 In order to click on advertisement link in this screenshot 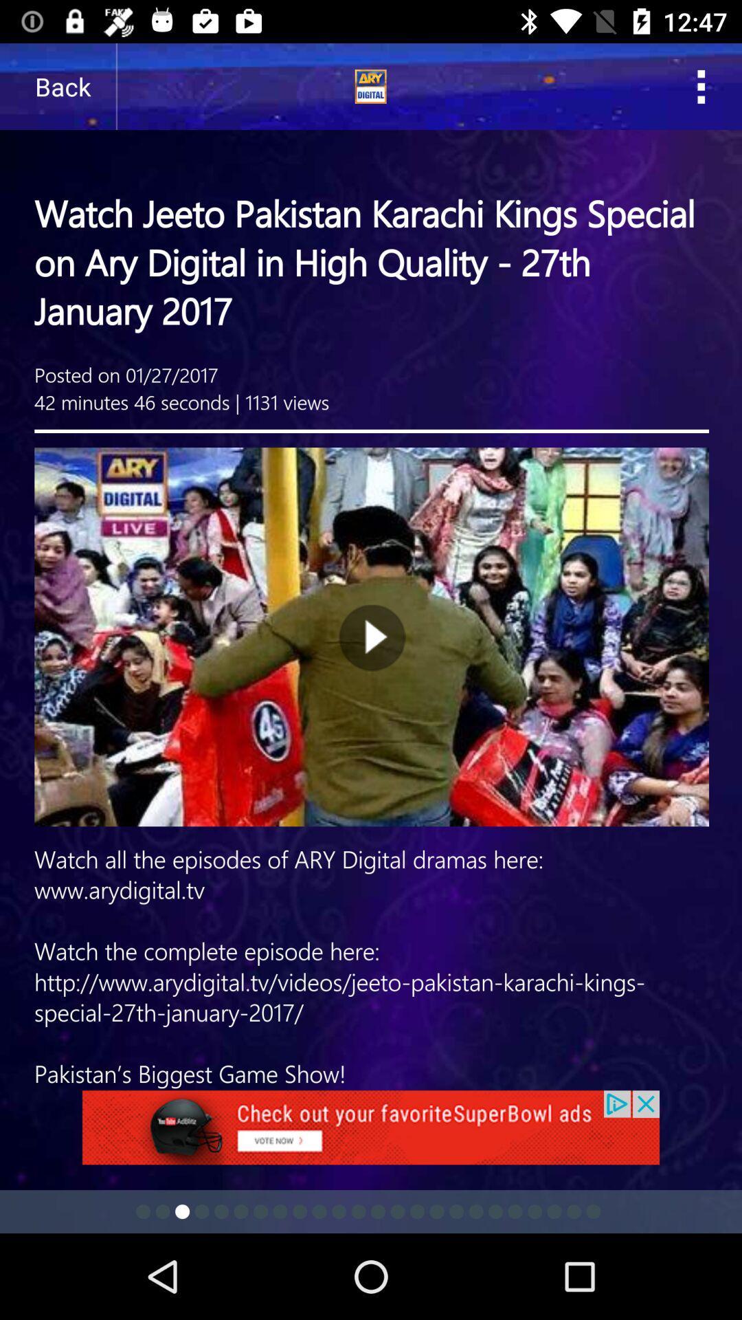, I will do `click(371, 1135)`.